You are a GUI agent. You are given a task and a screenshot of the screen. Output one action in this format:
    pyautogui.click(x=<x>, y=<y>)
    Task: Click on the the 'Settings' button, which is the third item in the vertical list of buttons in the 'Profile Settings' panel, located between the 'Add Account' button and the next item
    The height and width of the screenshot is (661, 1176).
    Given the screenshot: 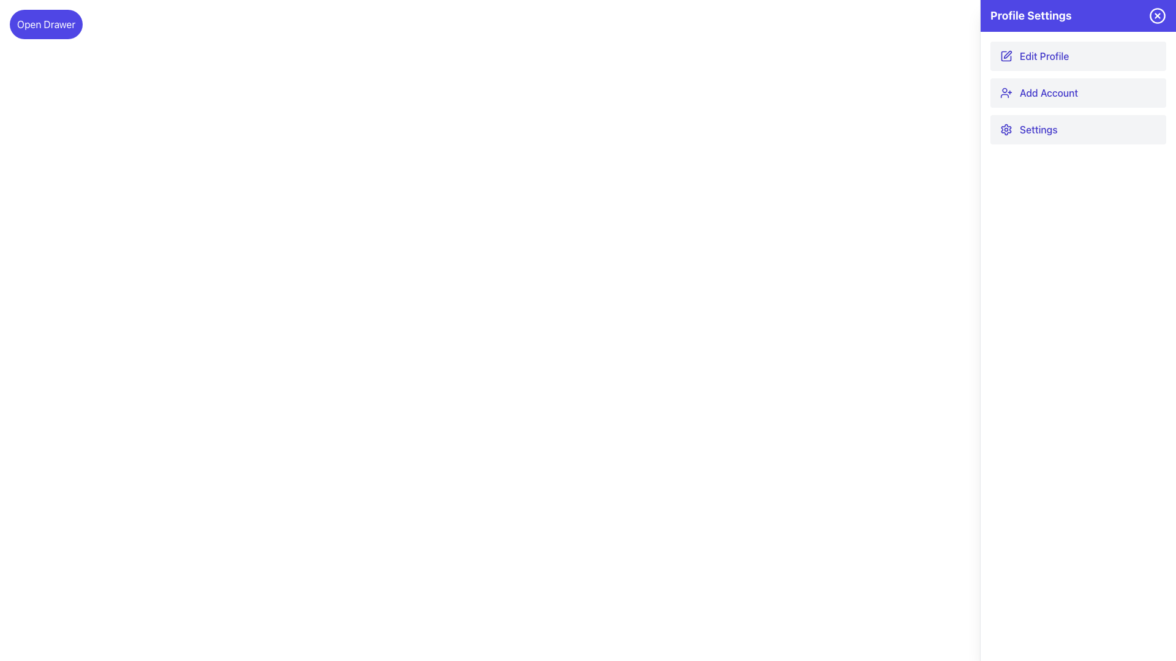 What is the action you would take?
    pyautogui.click(x=1078, y=130)
    